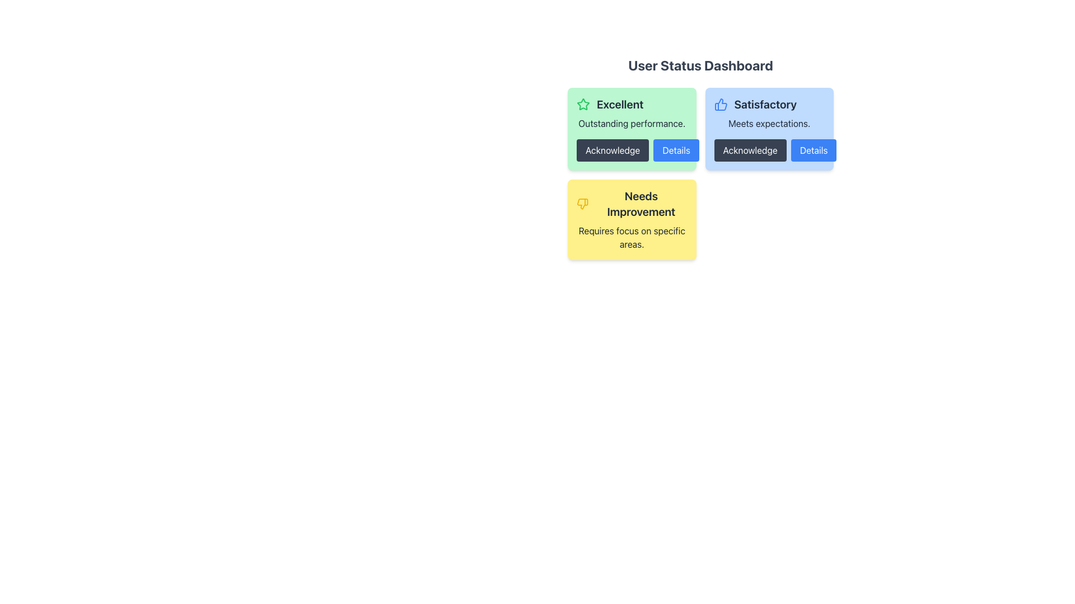 This screenshot has height=604, width=1075. I want to click on title of the 'Satisfactory' heading with icon located at the top of the blue rectangular card, which visually represents the status to the user, so click(769, 104).